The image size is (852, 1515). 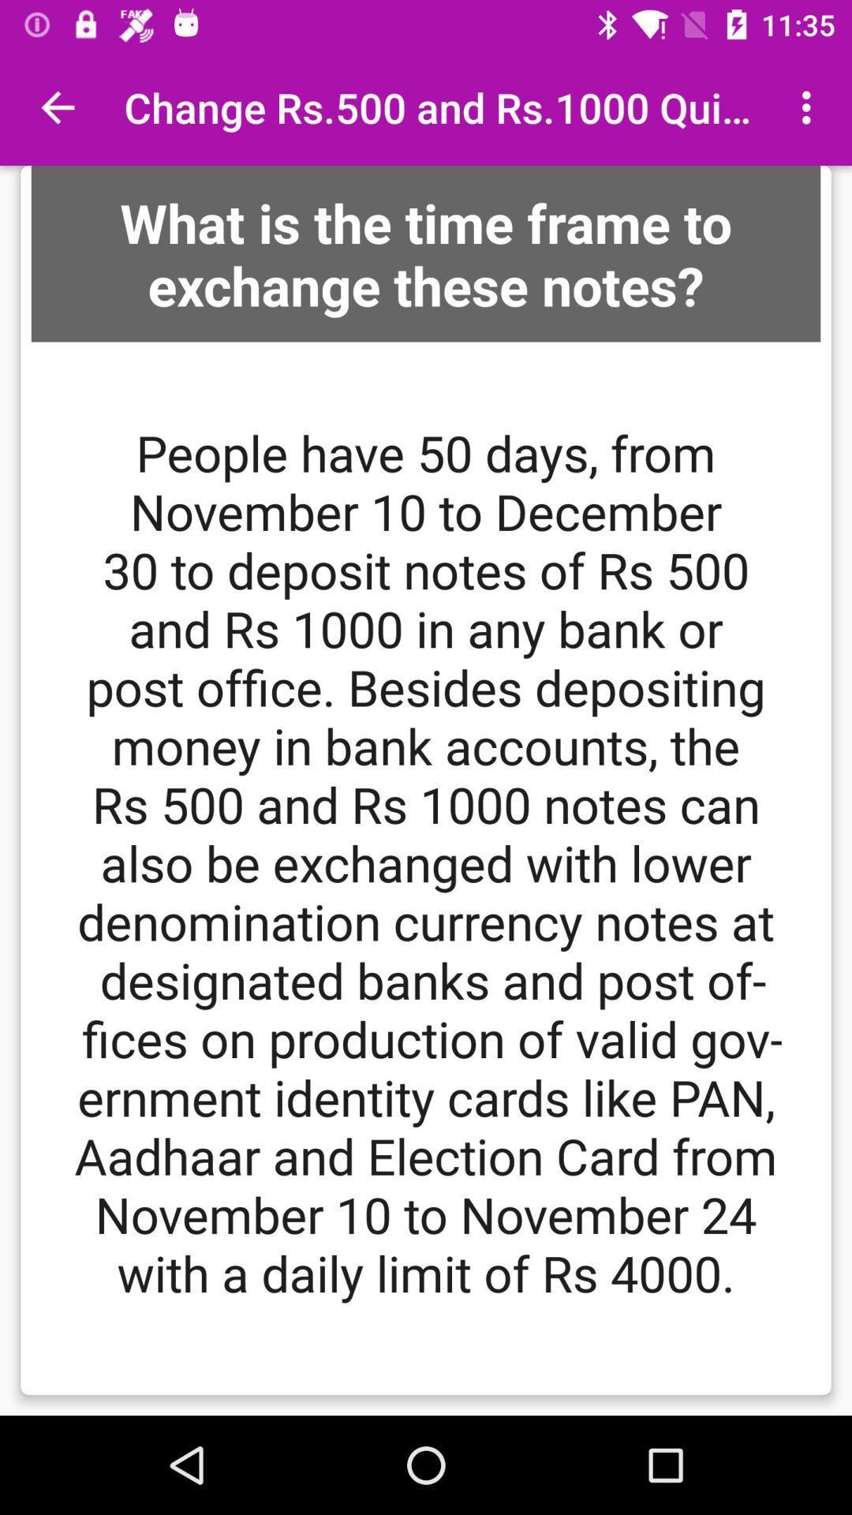 What do you see at coordinates (810, 107) in the screenshot?
I see `the item above what is the item` at bounding box center [810, 107].